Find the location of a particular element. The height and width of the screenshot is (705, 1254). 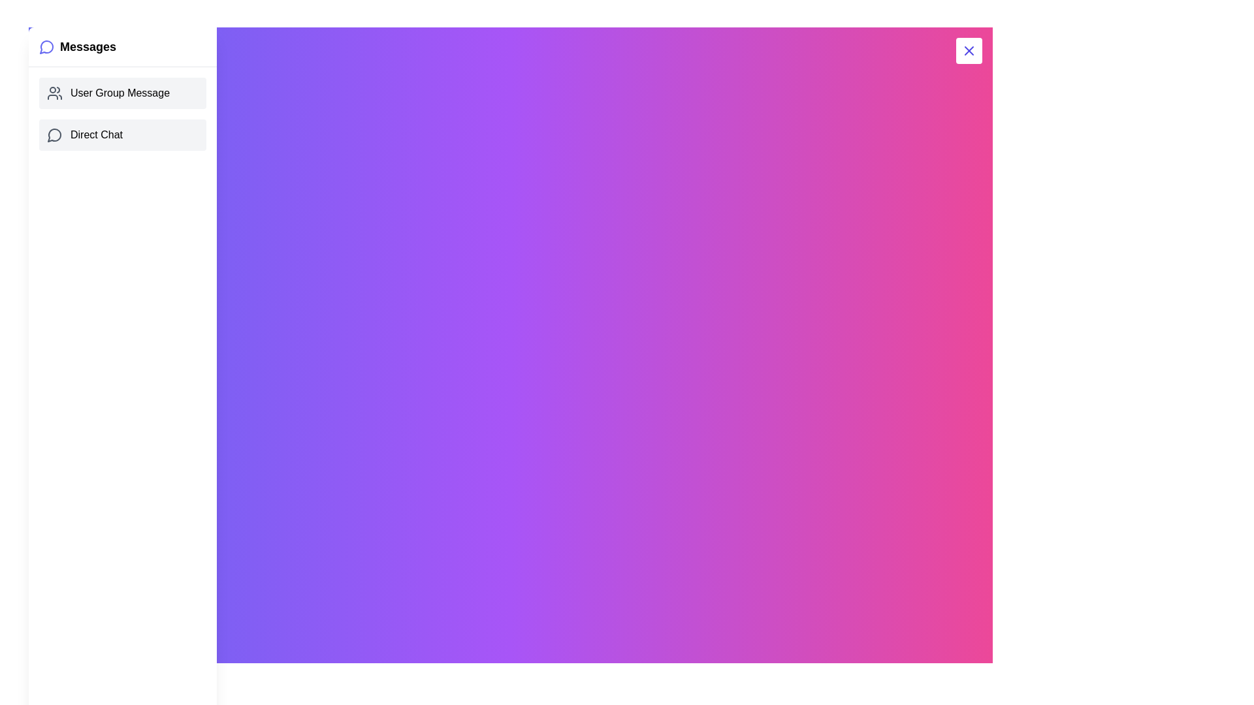

the 'Direct Chat' button located below the 'User Group Message' button in the sidebar is located at coordinates (122, 135).